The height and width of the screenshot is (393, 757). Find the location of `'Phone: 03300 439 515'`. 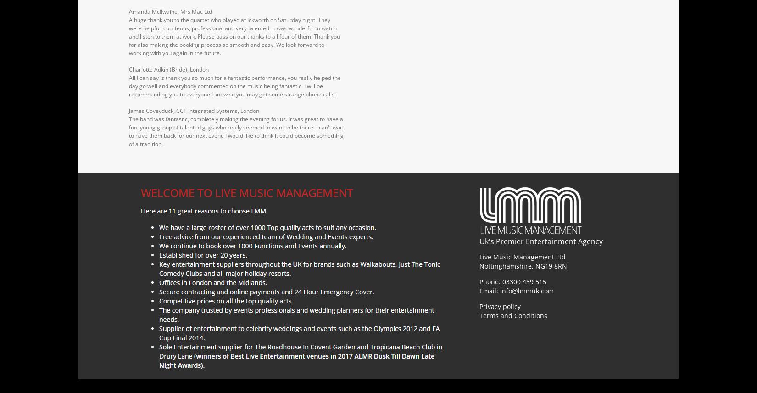

'Phone: 03300 439 515' is located at coordinates (513, 281).